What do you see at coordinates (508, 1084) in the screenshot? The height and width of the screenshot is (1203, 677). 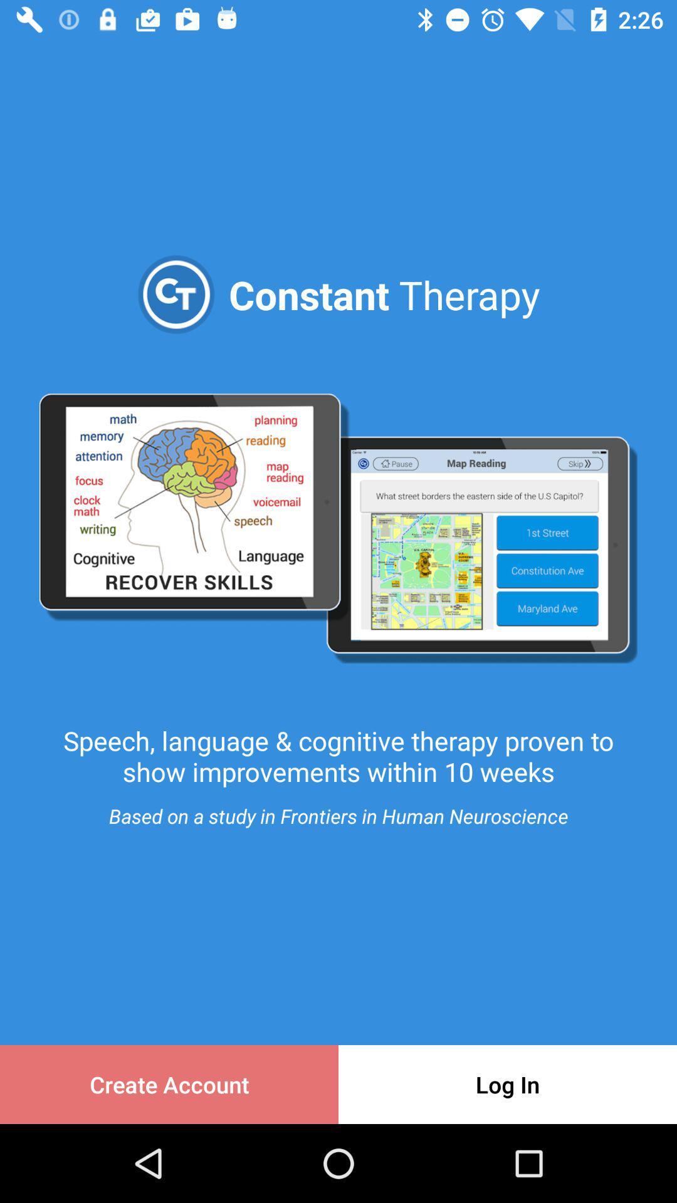 I see `the item to the right of the create account item` at bounding box center [508, 1084].